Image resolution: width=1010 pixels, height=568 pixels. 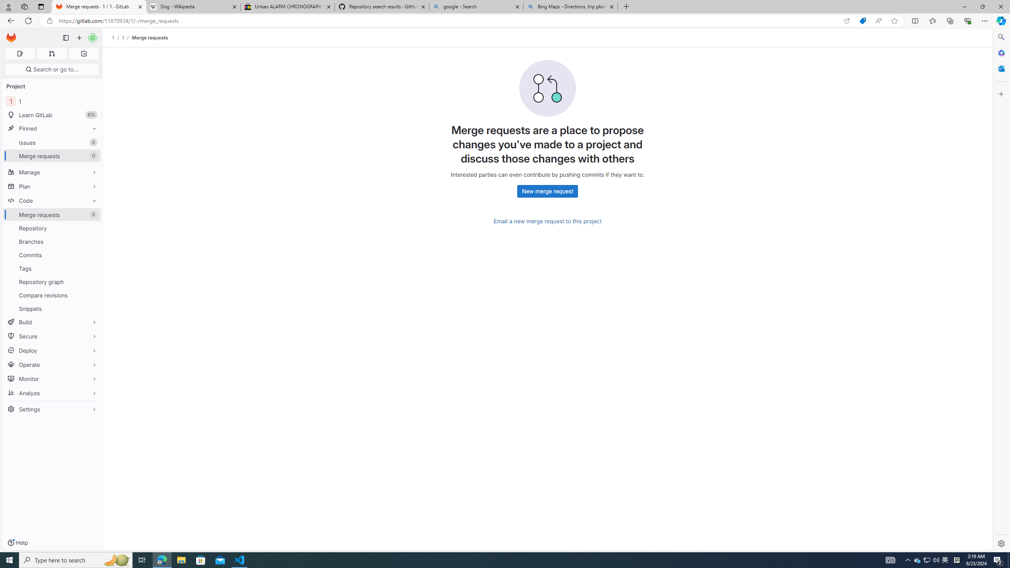 What do you see at coordinates (92, 255) in the screenshot?
I see `'Pin Commits'` at bounding box center [92, 255].